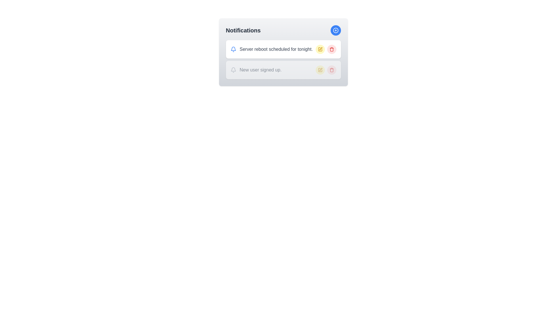  What do you see at coordinates (331, 69) in the screenshot?
I see `the circular delete button with a light red background and a trash can icon located` at bounding box center [331, 69].